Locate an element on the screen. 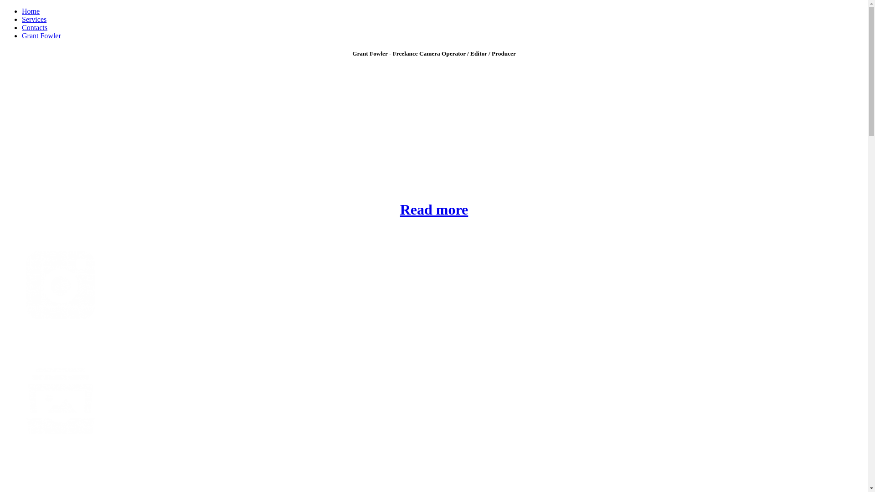  'Contacts' is located at coordinates (35, 27).